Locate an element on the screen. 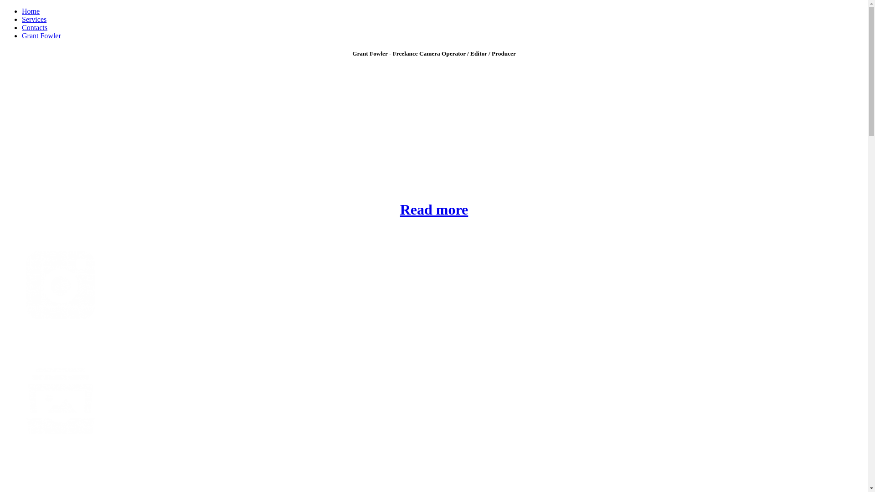  'Contacts' is located at coordinates (35, 27).